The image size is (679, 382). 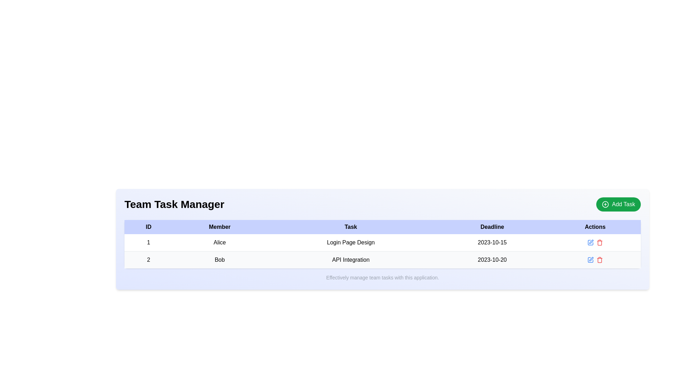 I want to click on the second cell in the header row of the table, which signifies member names, located between the 'ID' and 'Task' cells, so click(x=219, y=227).